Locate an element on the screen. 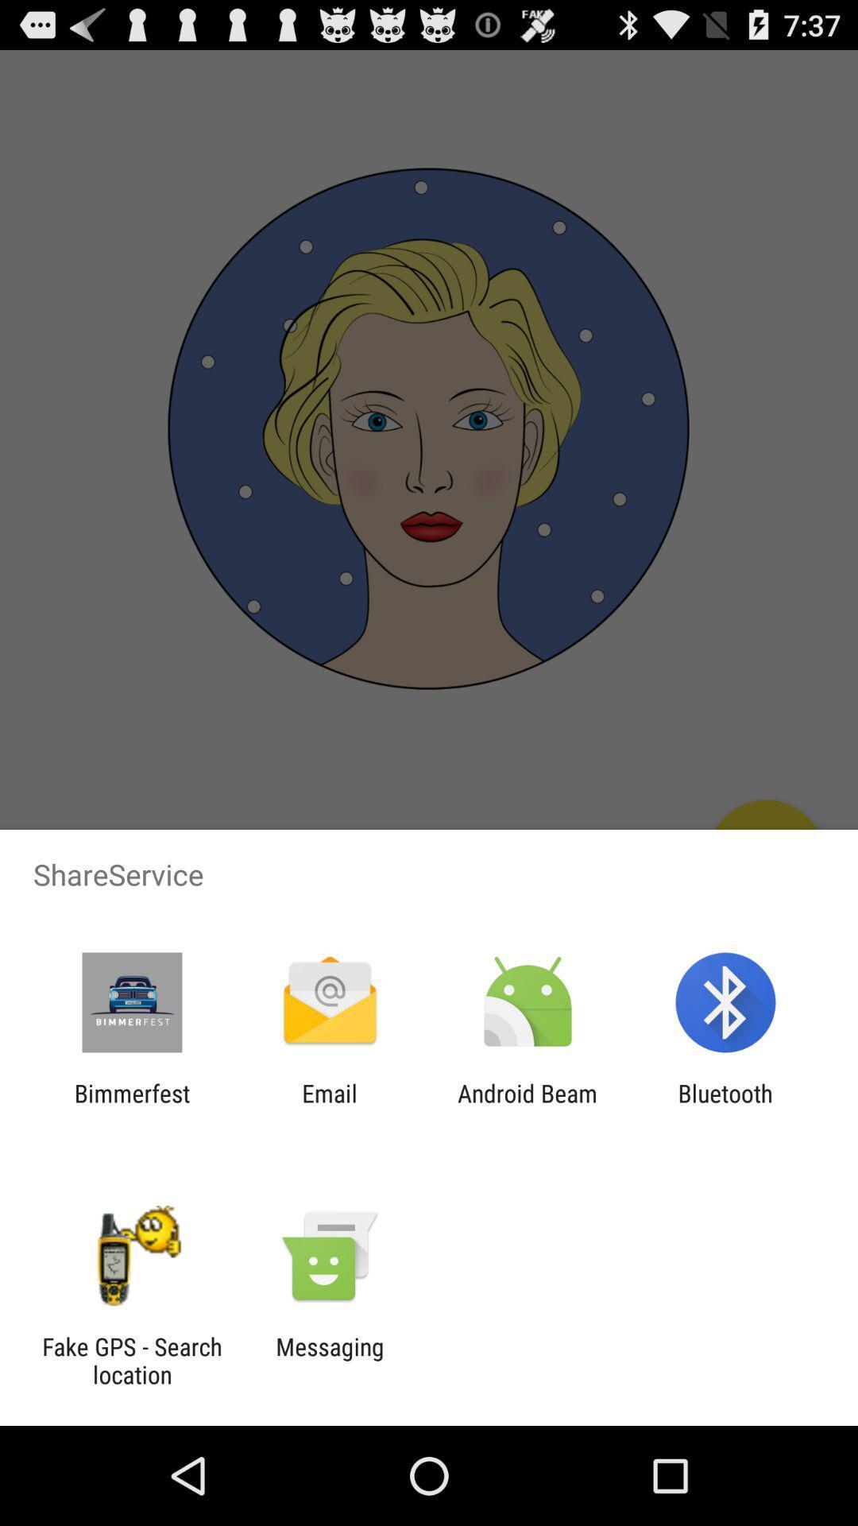 The image size is (858, 1526). the android beam icon is located at coordinates (528, 1106).